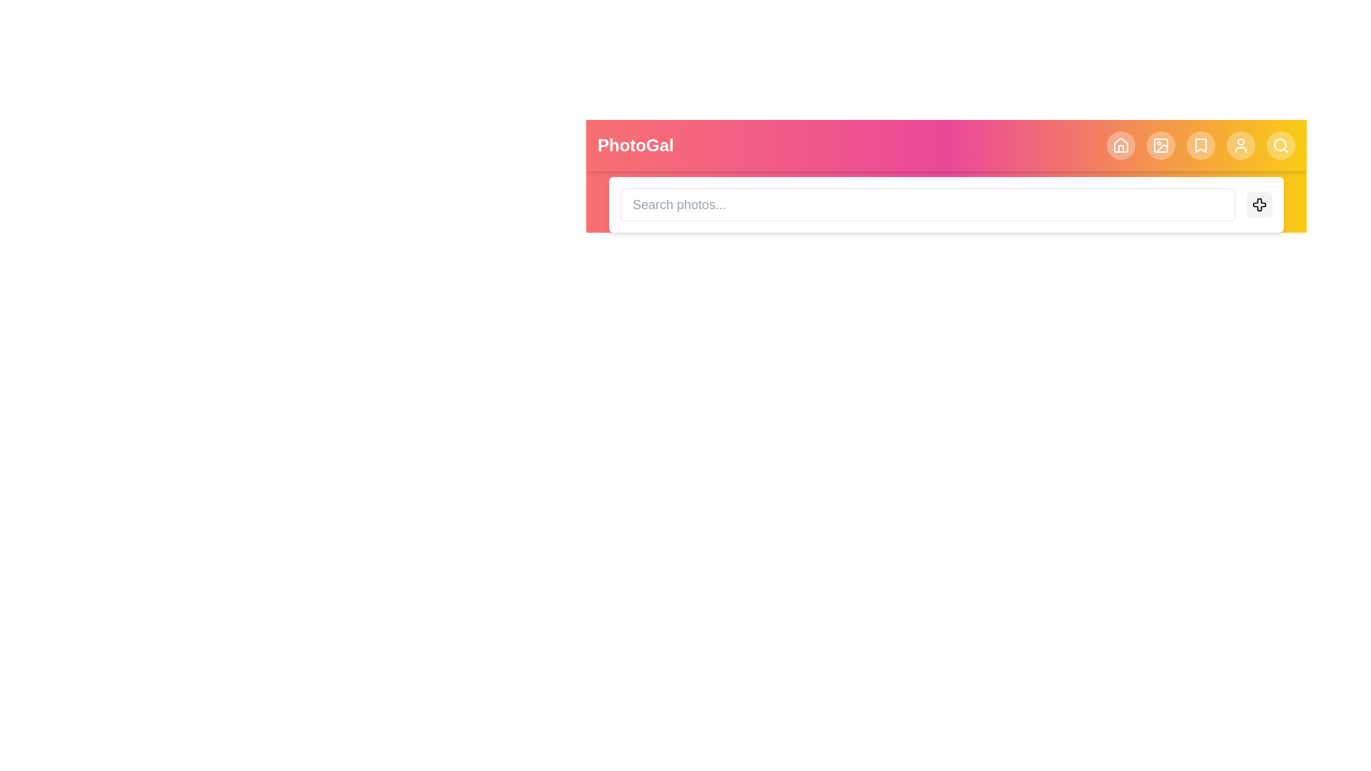 This screenshot has height=771, width=1371. I want to click on the header element corresponding to Image, so click(1161, 146).